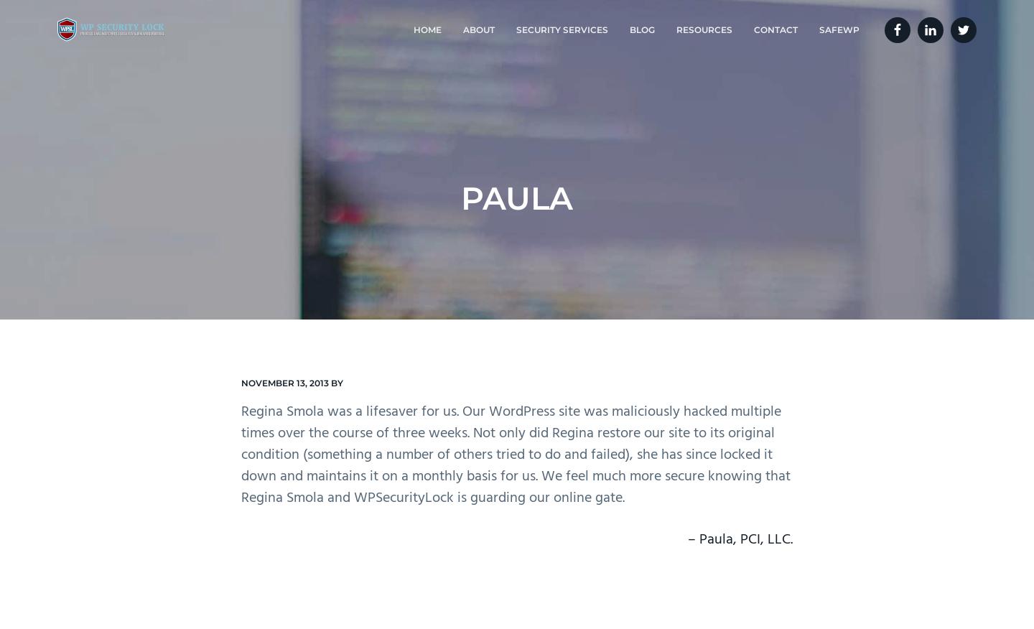 The height and width of the screenshot is (629, 1034). Describe the element at coordinates (551, 125) in the screenshot. I see `'WordPress Security and Installation Services'` at that location.